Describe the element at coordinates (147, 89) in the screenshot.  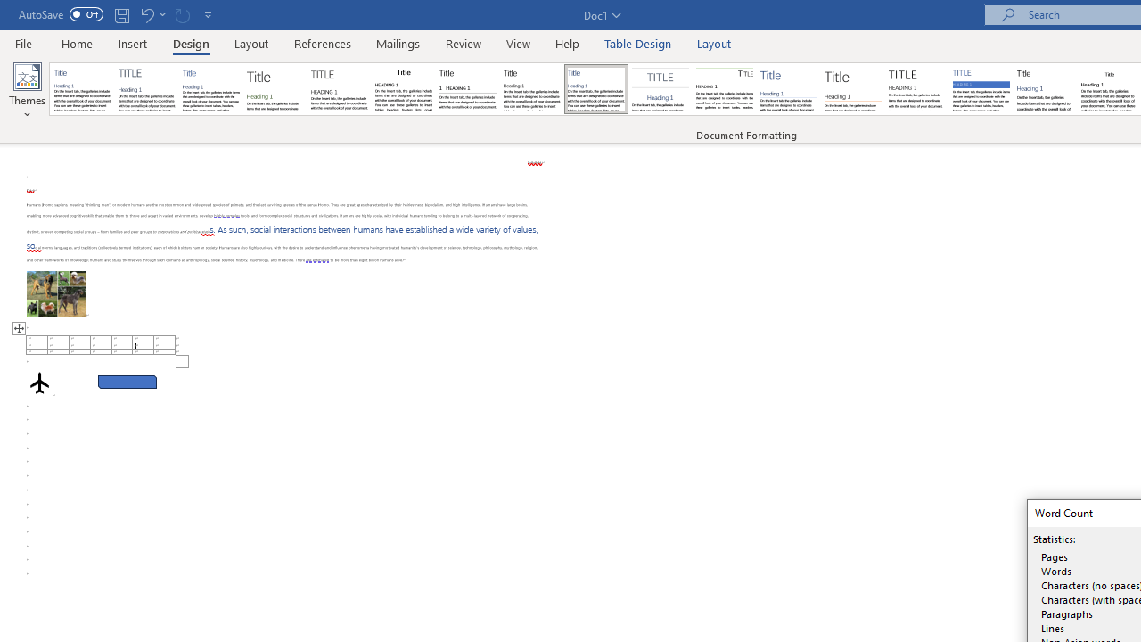
I see `'Basic (Elegant)'` at that location.